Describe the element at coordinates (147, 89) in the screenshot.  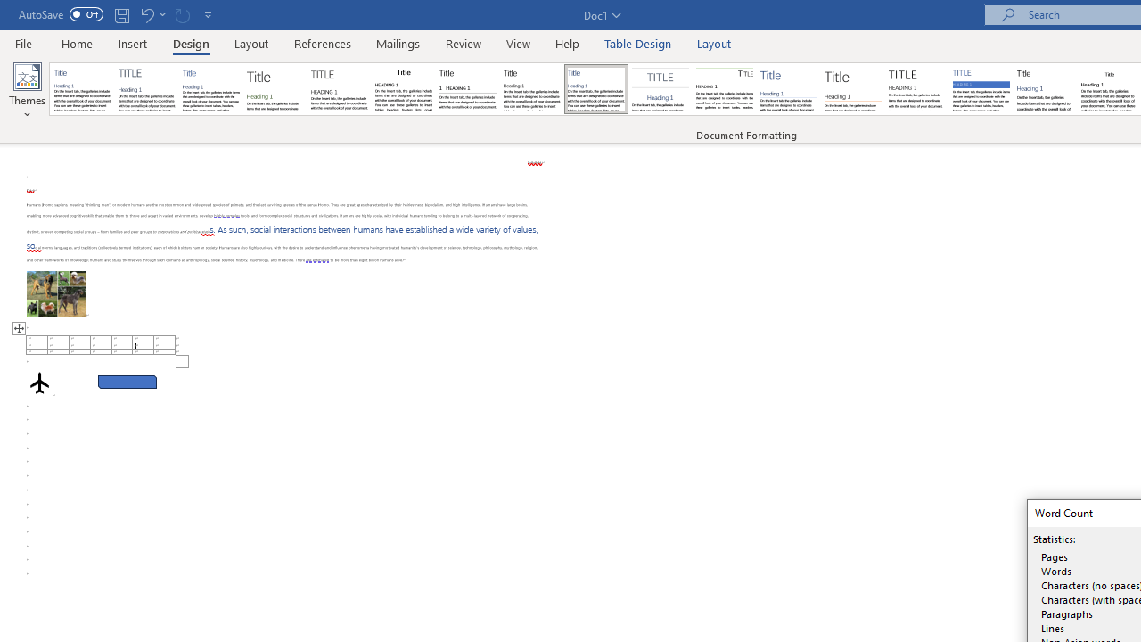
I see `'Basic (Elegant)'` at that location.